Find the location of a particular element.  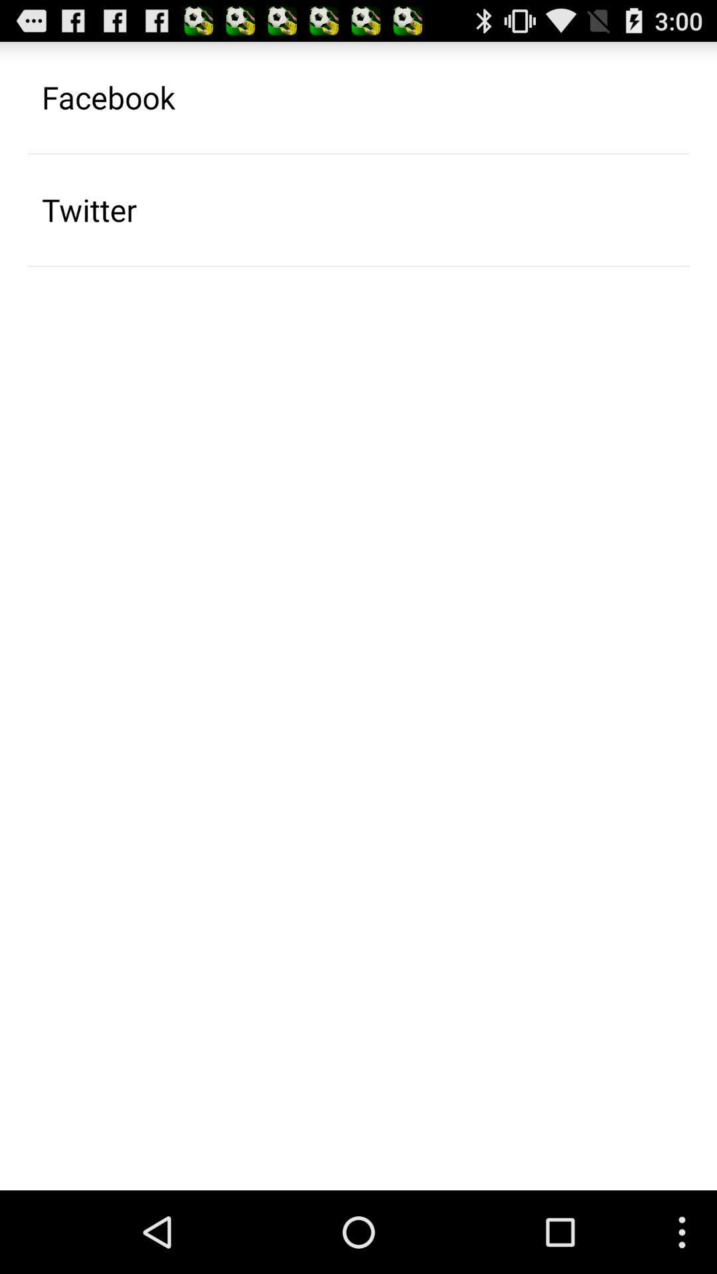

the facebook icon is located at coordinates (108, 96).